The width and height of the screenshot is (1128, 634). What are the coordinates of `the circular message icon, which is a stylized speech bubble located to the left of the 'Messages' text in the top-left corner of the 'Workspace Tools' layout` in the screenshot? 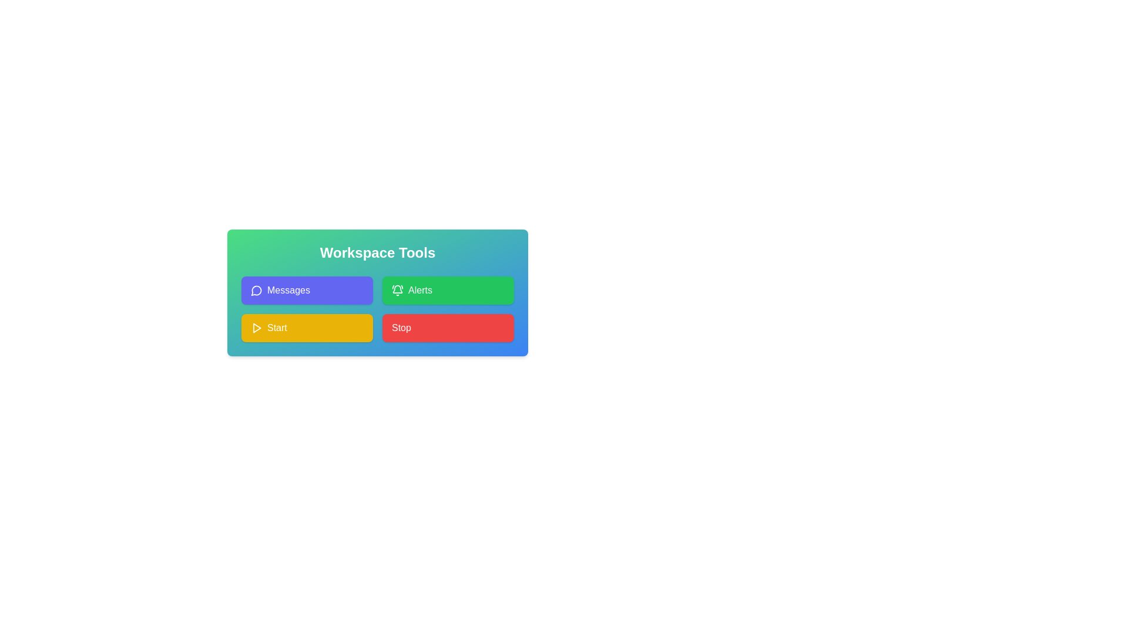 It's located at (256, 290).